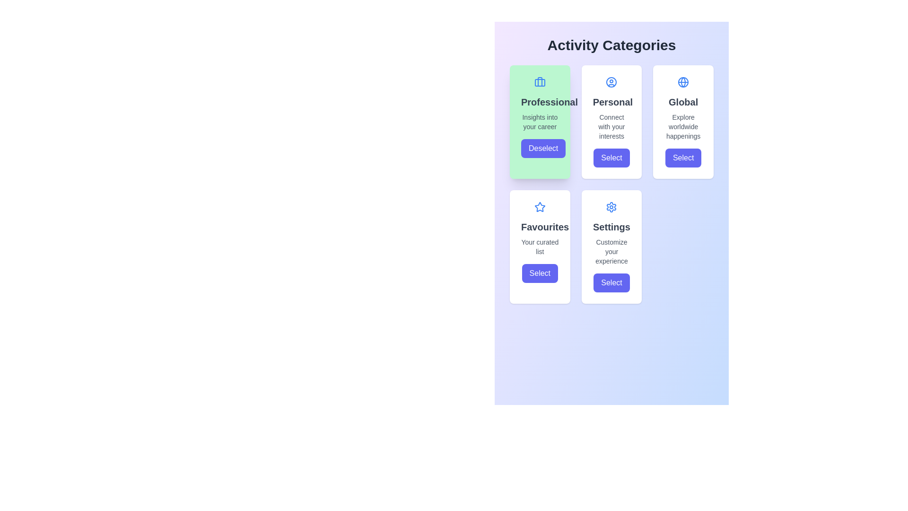 The height and width of the screenshot is (511, 908). Describe the element at coordinates (683, 81) in the screenshot. I see `the globe icon located at the top-right card in the 'Activity Categories' section, which features a circular outline with latitude and longitude lines and is labeled 'Global'` at that location.